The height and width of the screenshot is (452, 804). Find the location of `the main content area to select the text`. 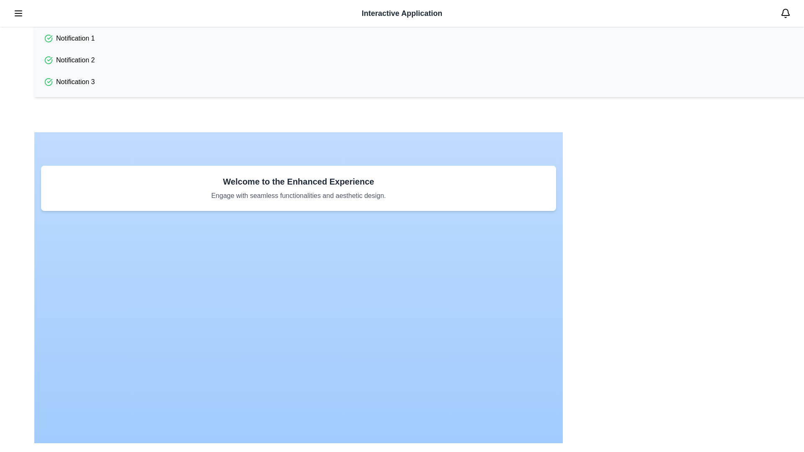

the main content area to select the text is located at coordinates (299, 188).